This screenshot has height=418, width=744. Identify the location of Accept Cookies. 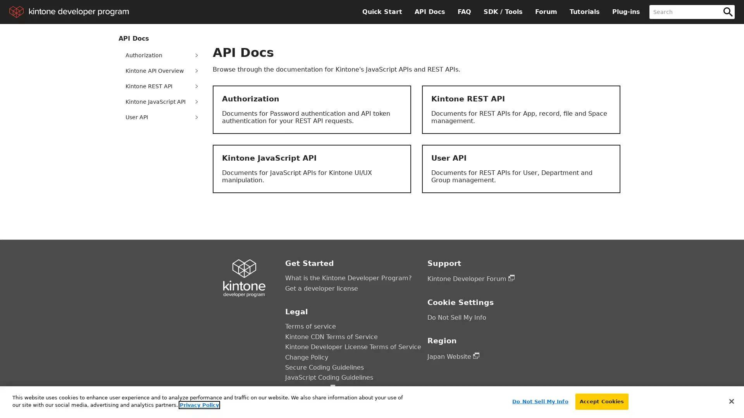
(601, 401).